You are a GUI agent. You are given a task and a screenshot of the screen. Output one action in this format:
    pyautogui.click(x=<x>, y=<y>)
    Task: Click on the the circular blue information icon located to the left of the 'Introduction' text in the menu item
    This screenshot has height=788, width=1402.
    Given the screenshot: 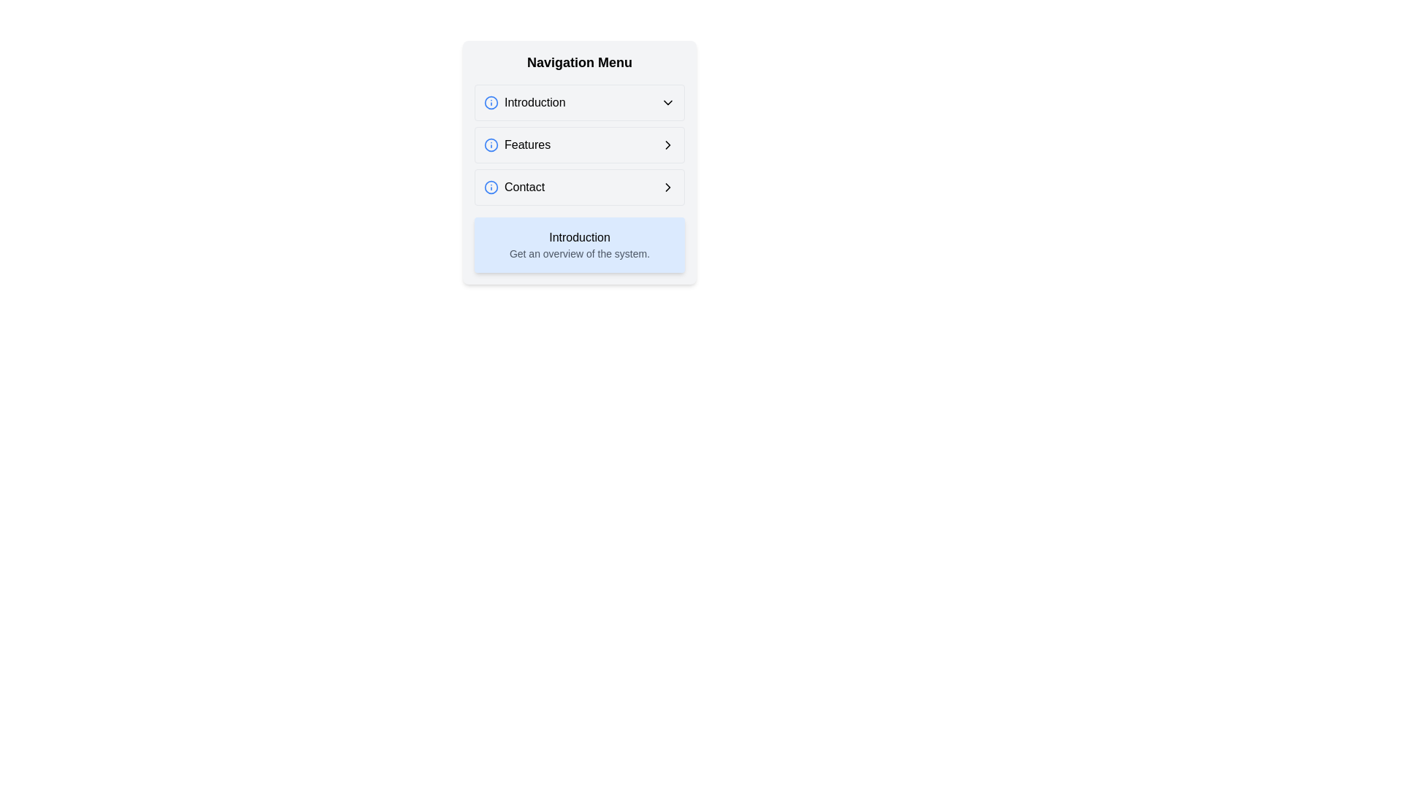 What is the action you would take?
    pyautogui.click(x=491, y=102)
    